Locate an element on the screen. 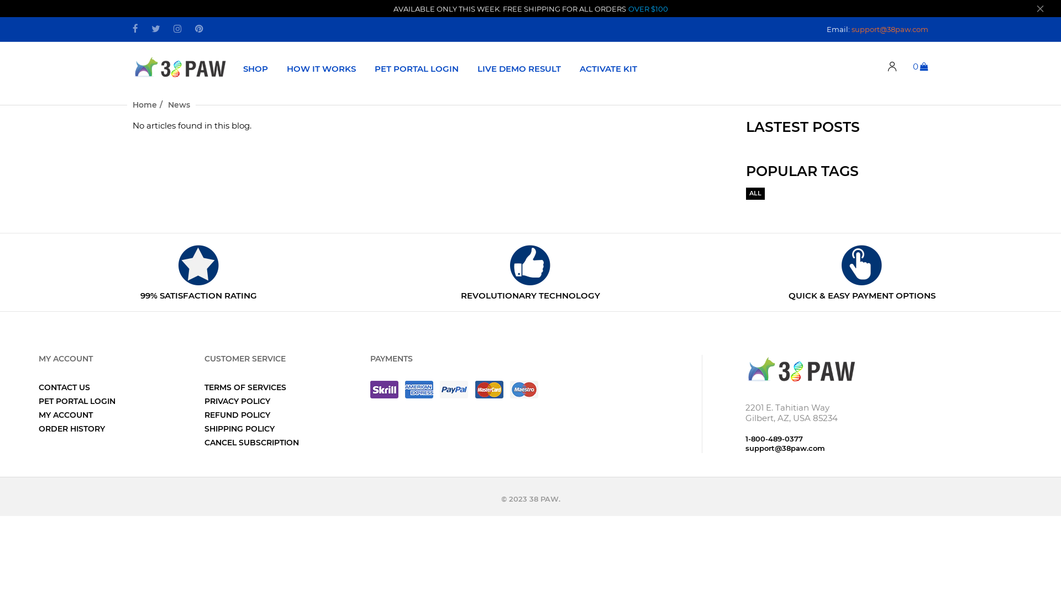 The width and height of the screenshot is (1061, 596). 'REFUND POLICY' is located at coordinates (237, 415).